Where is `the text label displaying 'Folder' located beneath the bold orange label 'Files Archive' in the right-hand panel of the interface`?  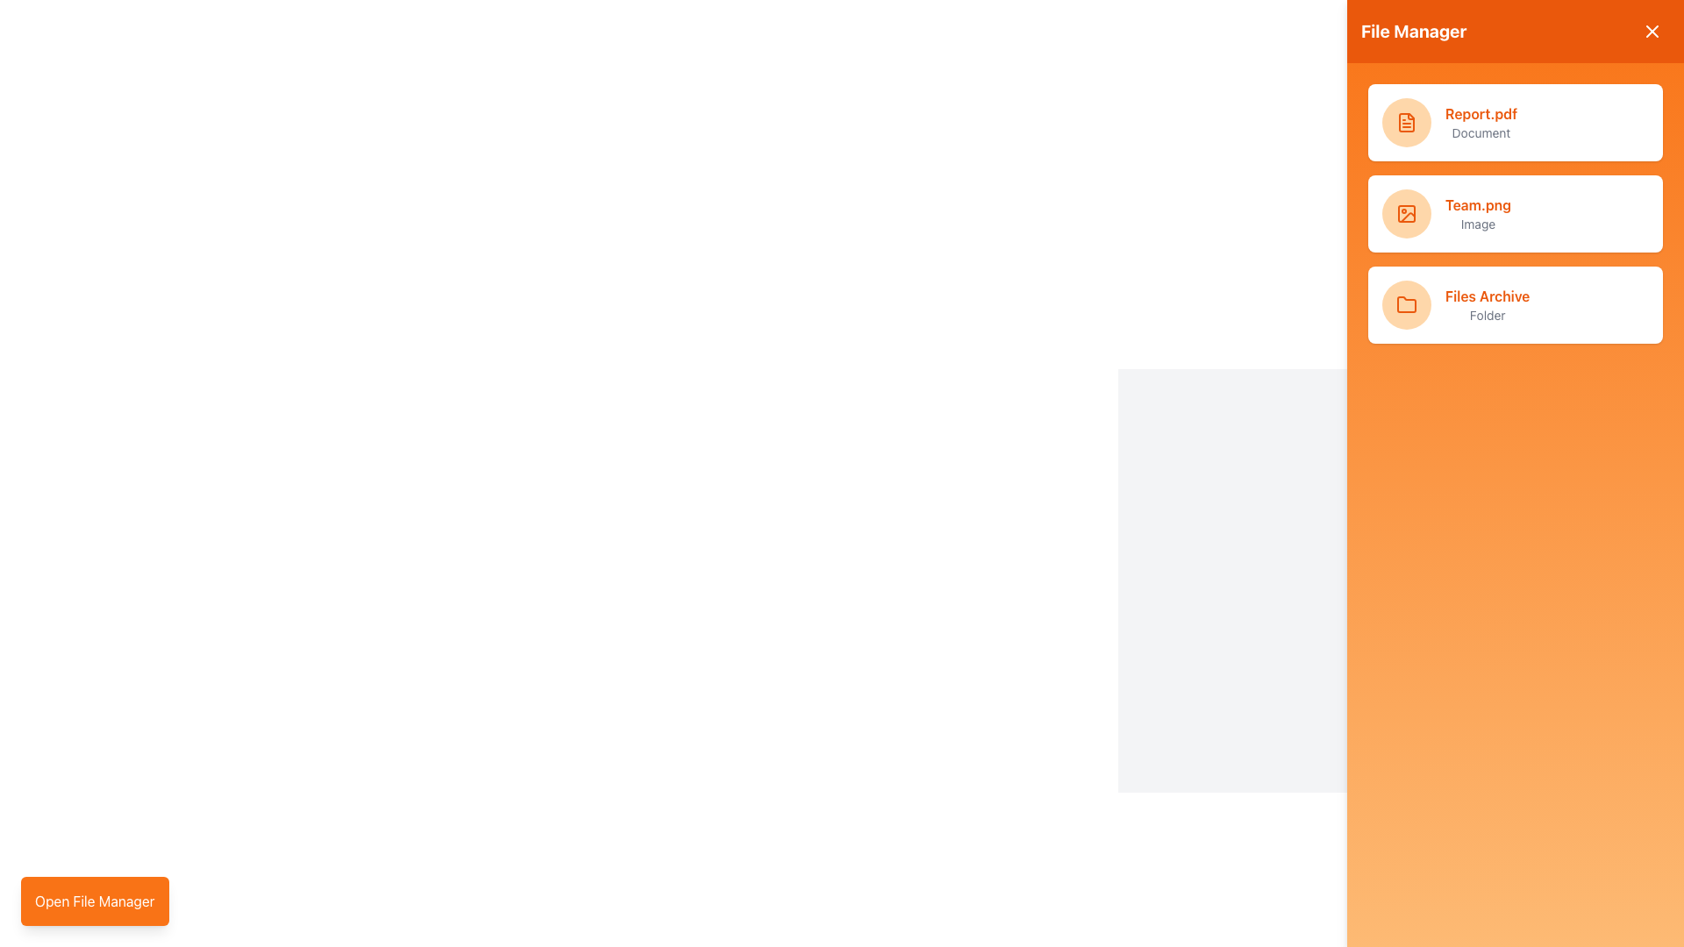 the text label displaying 'Folder' located beneath the bold orange label 'Files Archive' in the right-hand panel of the interface is located at coordinates (1487, 314).